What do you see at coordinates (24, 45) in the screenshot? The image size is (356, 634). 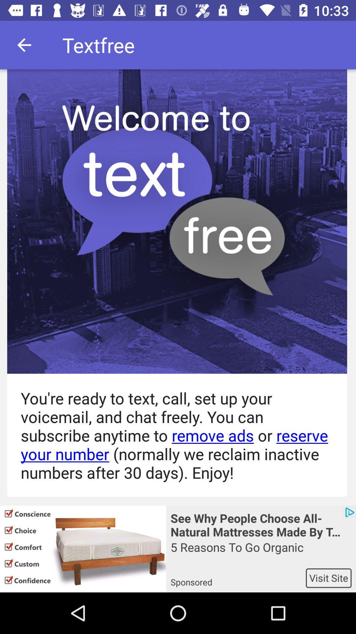 I see `the icon to the left of the textfree` at bounding box center [24, 45].